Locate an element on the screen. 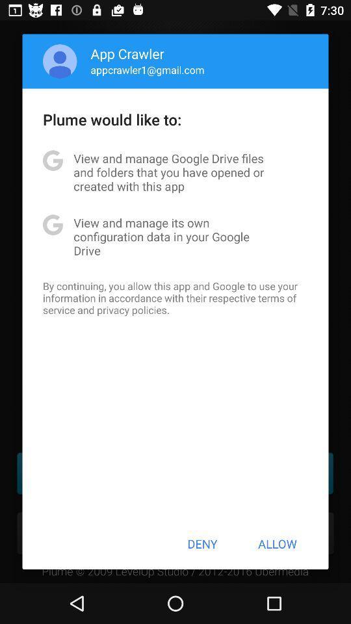  item above the plume would like is located at coordinates (147, 70).